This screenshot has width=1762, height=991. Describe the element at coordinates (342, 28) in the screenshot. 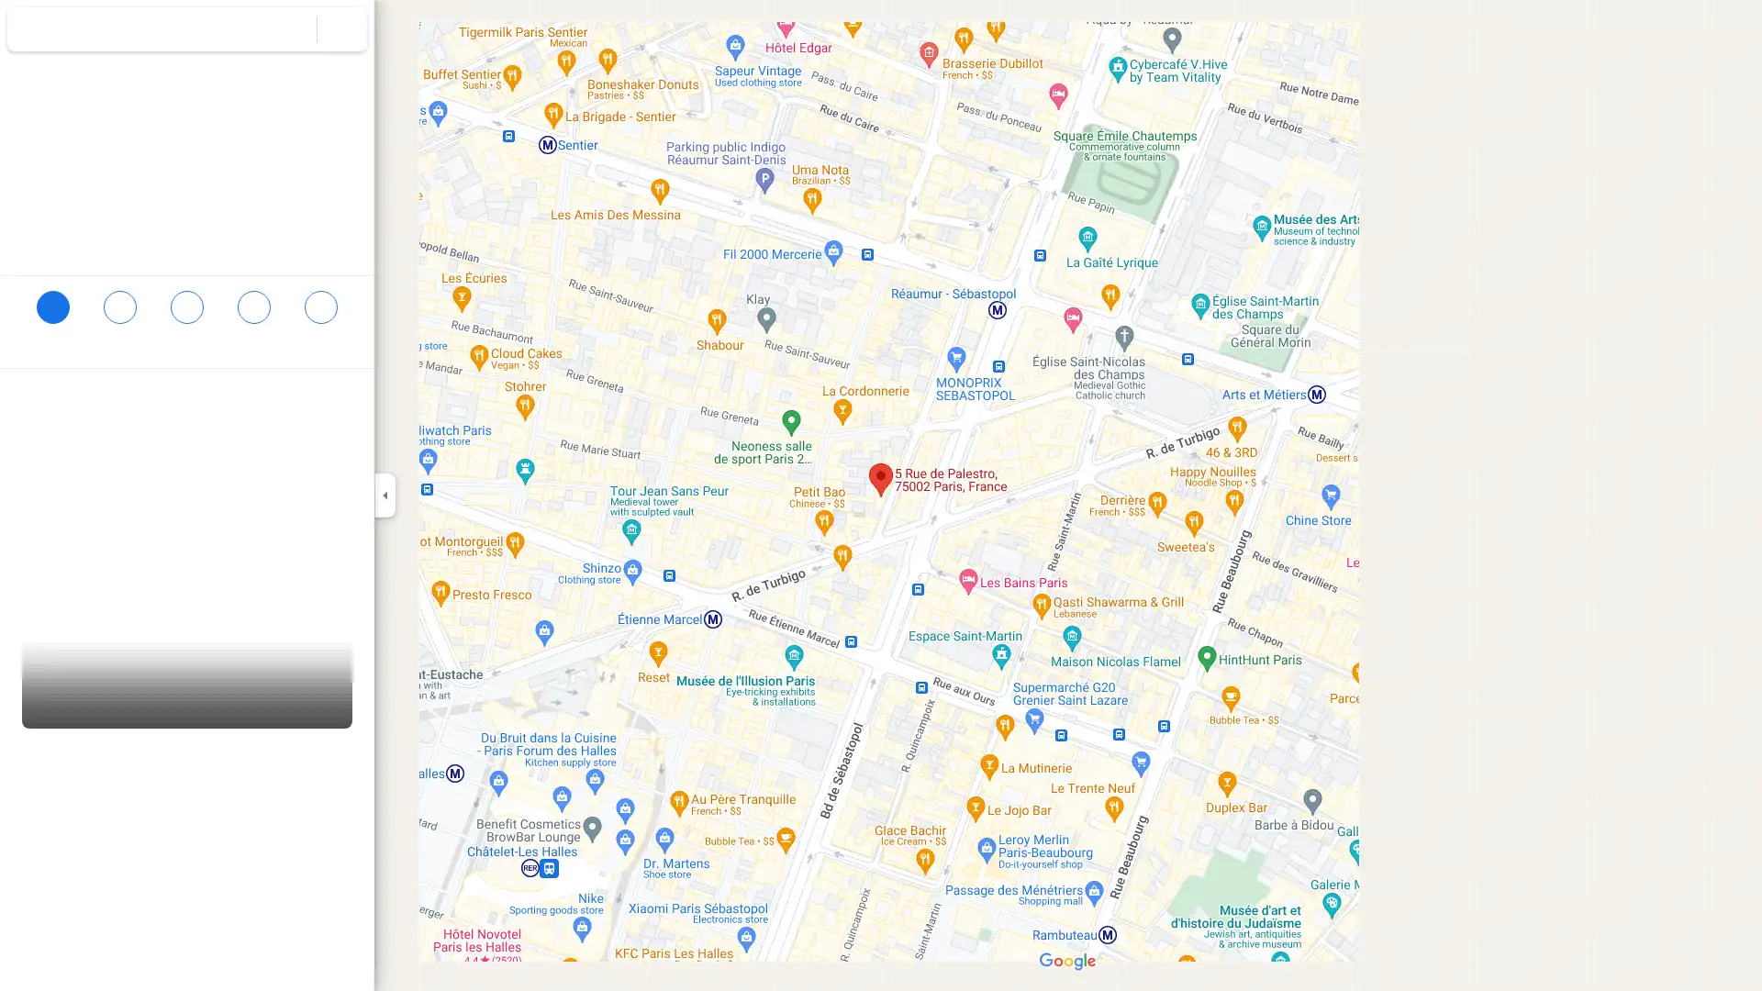

I see `Clear search` at that location.